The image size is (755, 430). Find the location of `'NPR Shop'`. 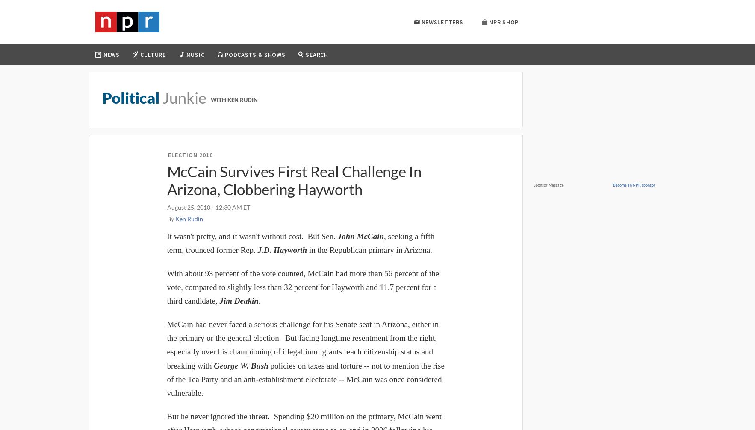

'NPR Shop' is located at coordinates (503, 21).